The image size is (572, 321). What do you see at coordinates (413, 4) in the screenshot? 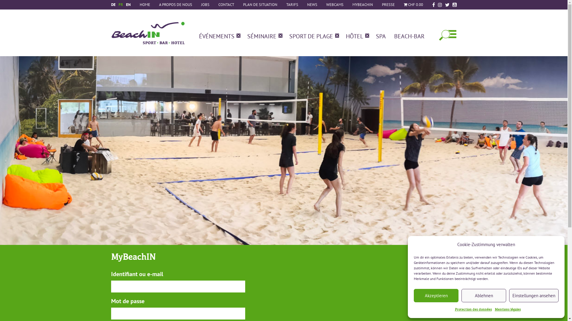
I see `'CHF 0.00'` at bounding box center [413, 4].